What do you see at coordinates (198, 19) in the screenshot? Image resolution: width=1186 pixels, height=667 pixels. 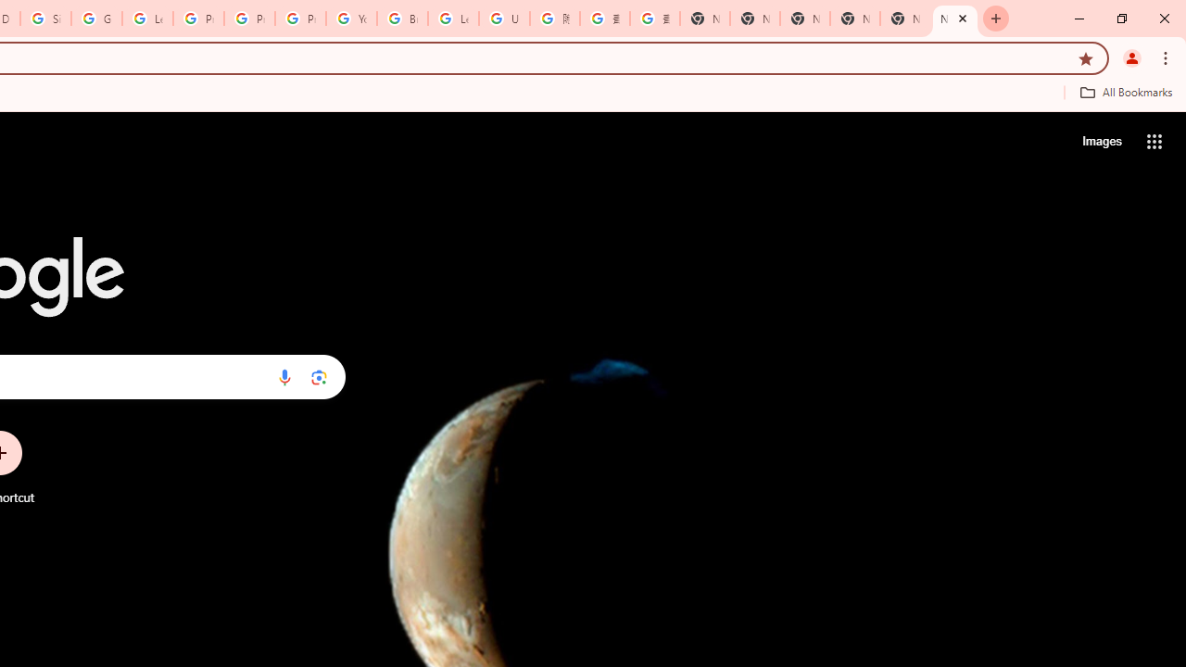 I see `'Privacy Help Center - Policies Help'` at bounding box center [198, 19].